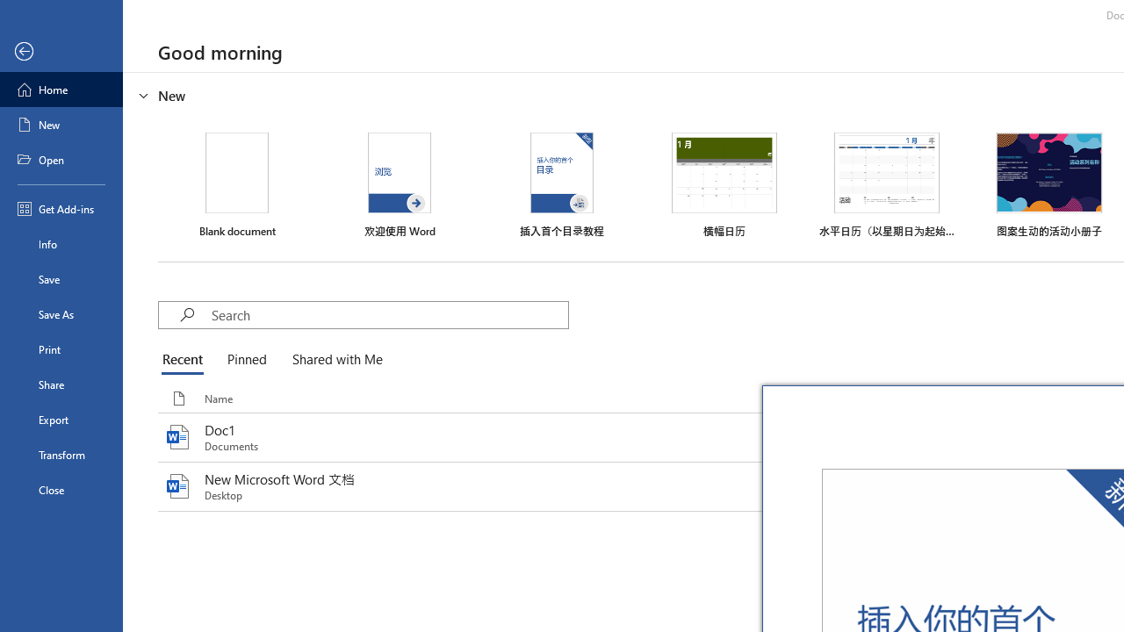 This screenshot has height=632, width=1124. What do you see at coordinates (186, 360) in the screenshot?
I see `'Recent'` at bounding box center [186, 360].